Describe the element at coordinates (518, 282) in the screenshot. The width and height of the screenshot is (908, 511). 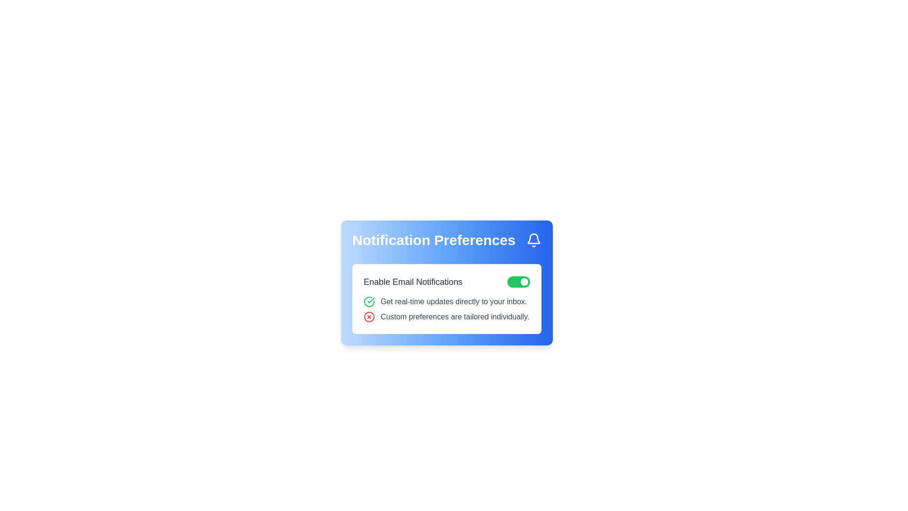
I see `the toggle switch for enabling or disabling email notifications` at that location.